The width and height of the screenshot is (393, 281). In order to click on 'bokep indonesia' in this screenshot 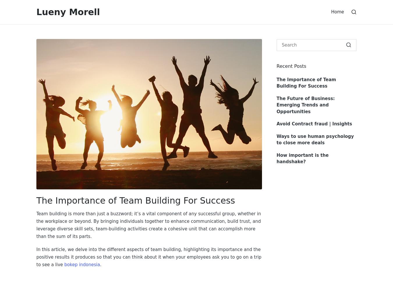, I will do `click(82, 264)`.